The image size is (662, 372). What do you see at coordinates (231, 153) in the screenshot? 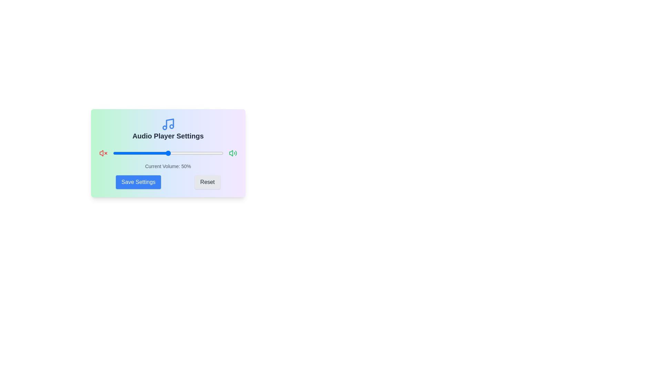
I see `the leftmost segment of the speaker icon, which is part of the audio settings indicator located at the top-right corner of the central interface card` at bounding box center [231, 153].